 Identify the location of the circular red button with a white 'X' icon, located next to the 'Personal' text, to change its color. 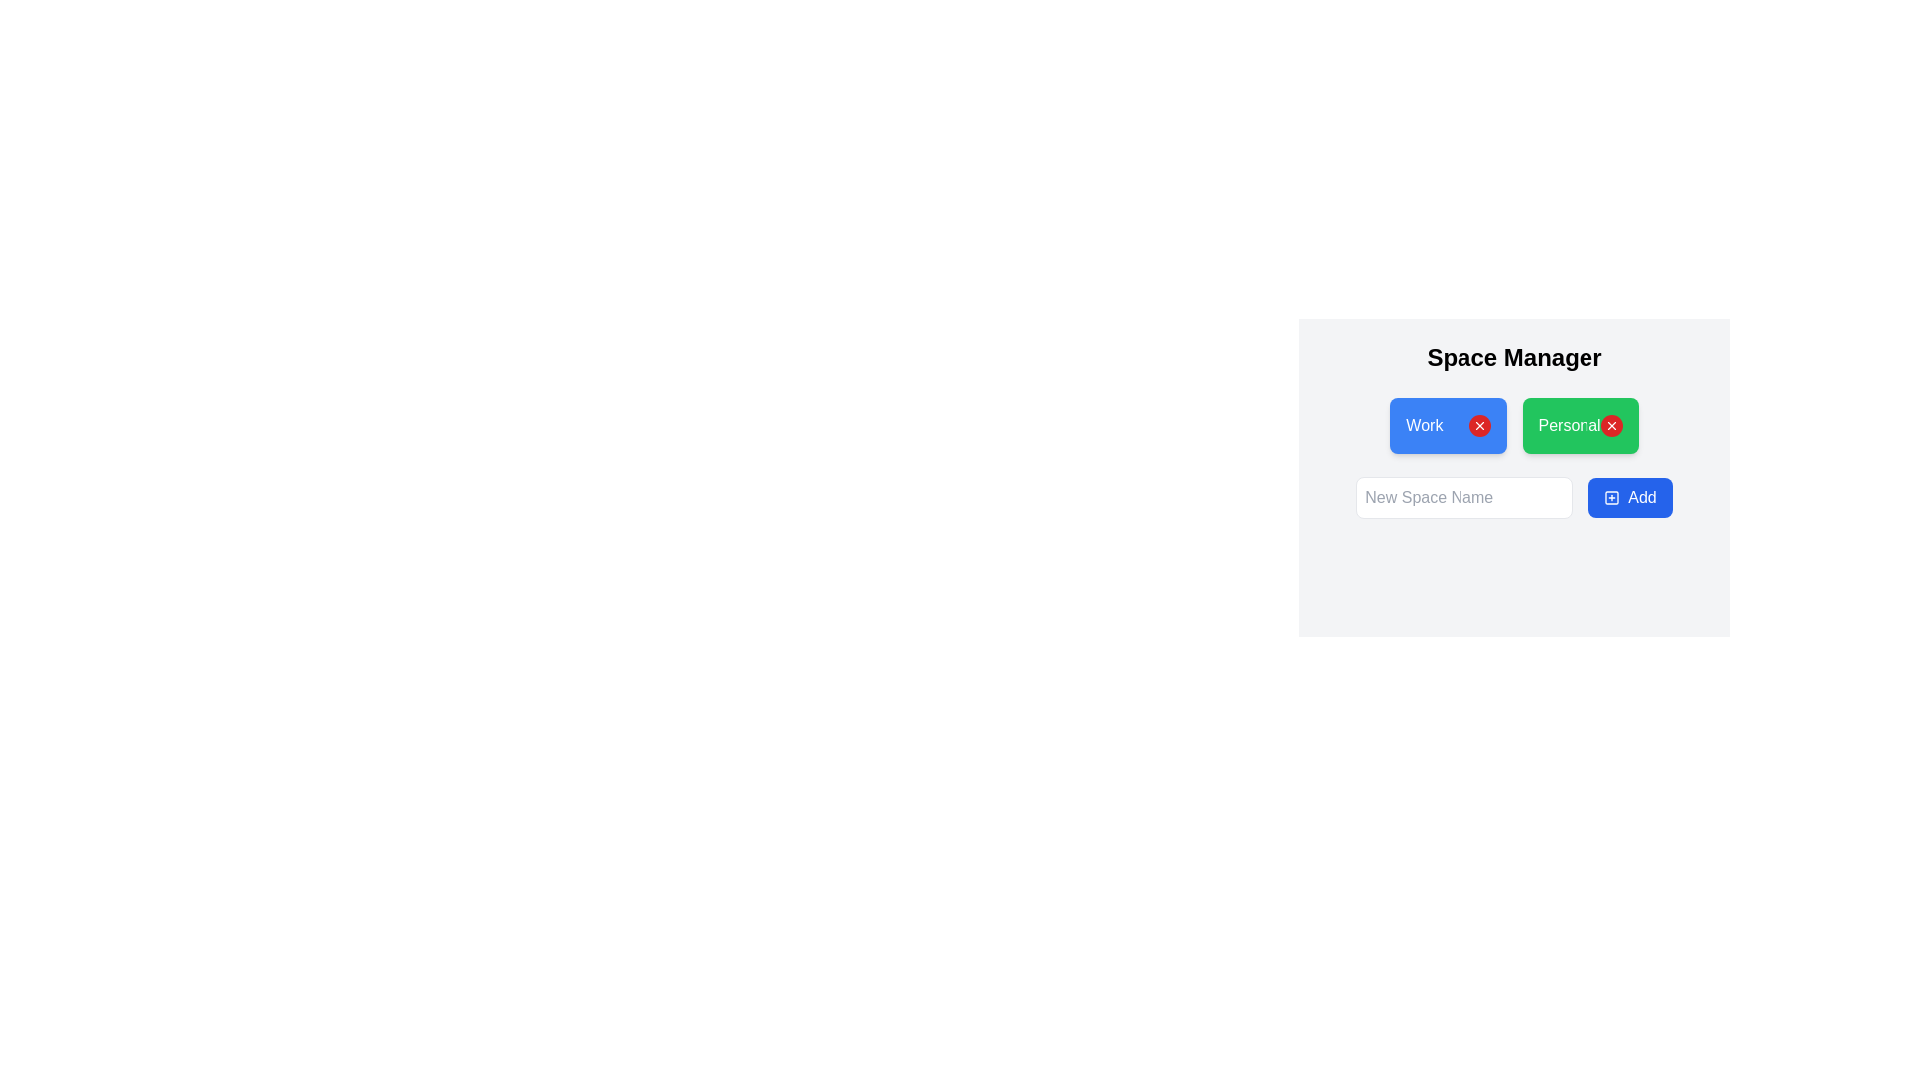
(1611, 424).